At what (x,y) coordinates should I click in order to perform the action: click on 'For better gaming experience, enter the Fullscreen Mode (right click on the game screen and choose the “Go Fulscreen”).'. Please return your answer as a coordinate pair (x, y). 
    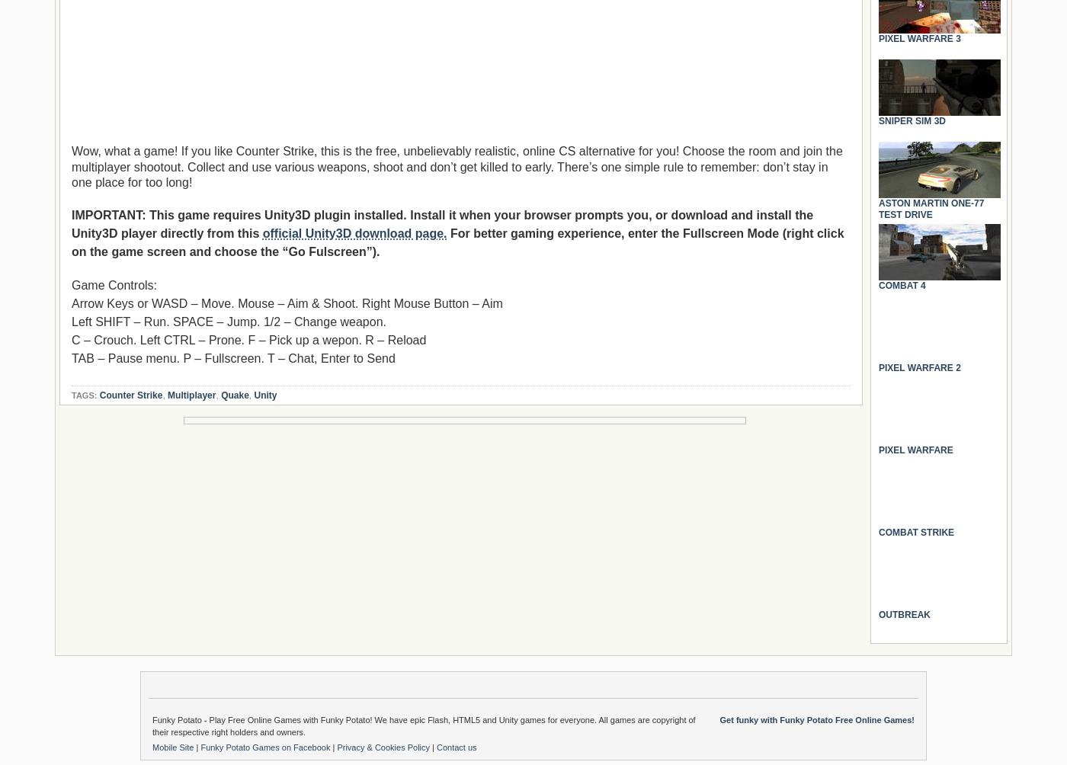
    Looking at the image, I should click on (71, 242).